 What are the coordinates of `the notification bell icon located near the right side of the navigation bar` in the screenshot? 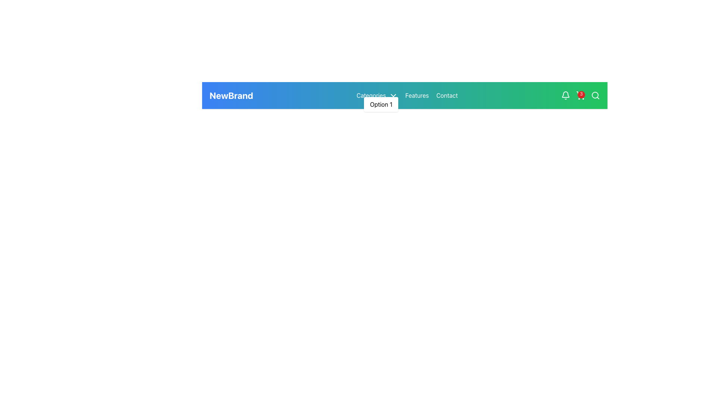 It's located at (565, 95).